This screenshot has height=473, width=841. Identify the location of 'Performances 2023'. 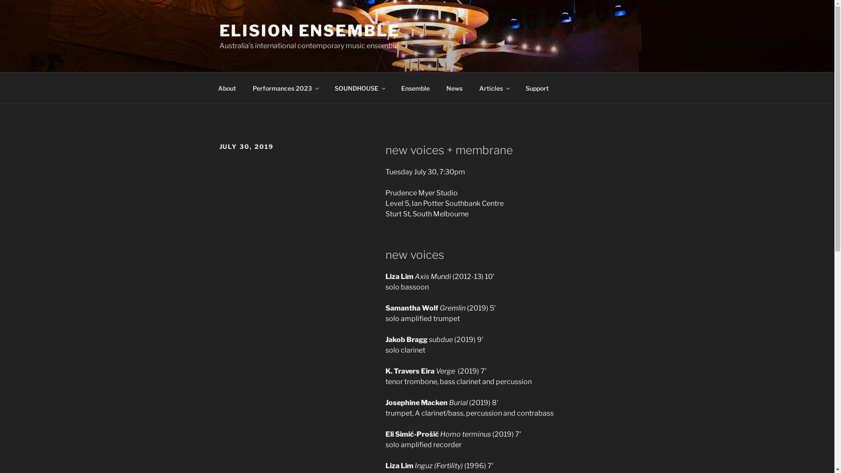
(286, 88).